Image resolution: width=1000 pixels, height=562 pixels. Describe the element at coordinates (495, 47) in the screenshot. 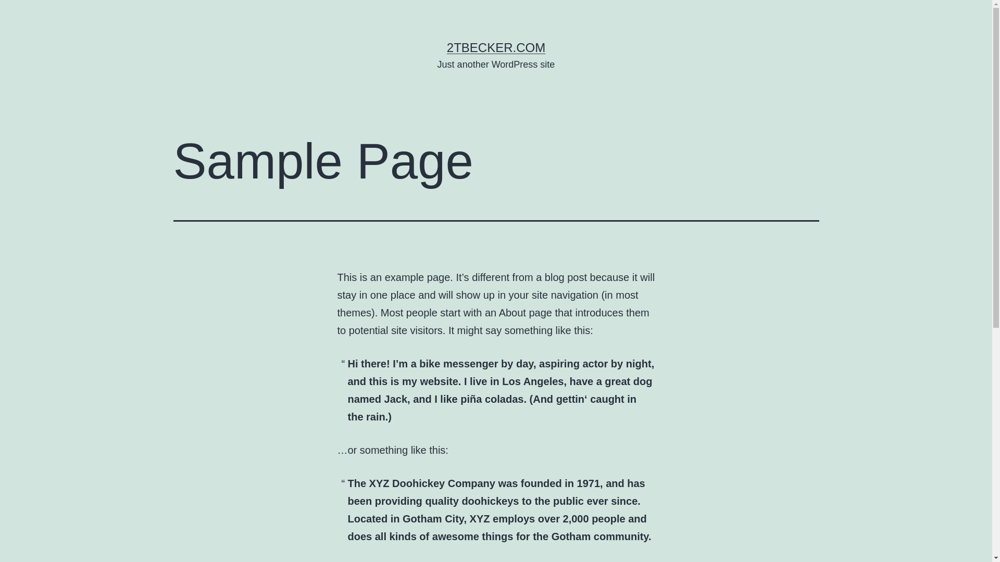

I see `'2TBECKER.COM'` at that location.